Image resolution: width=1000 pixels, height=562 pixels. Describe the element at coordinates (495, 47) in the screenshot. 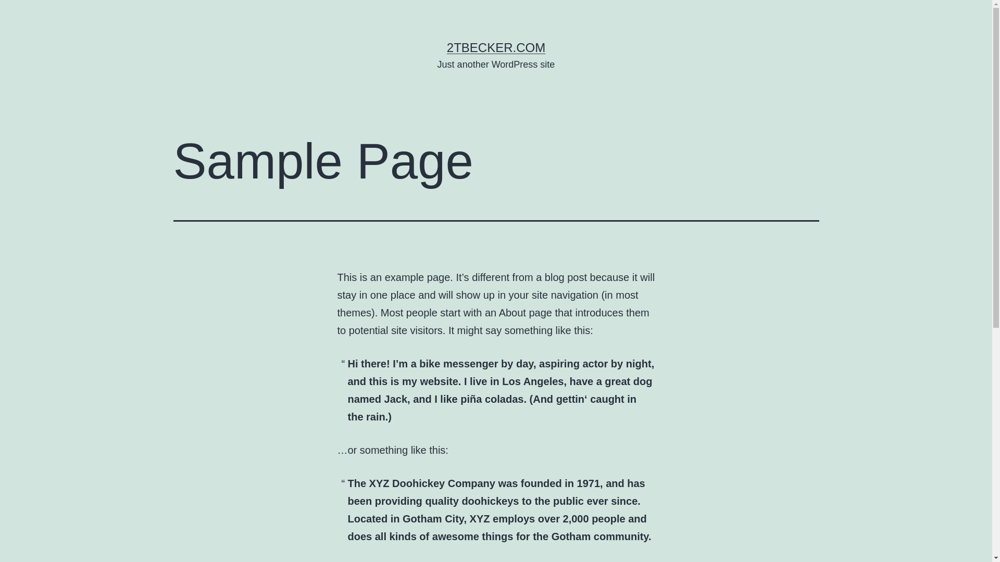

I see `'2TBECKER.COM'` at that location.